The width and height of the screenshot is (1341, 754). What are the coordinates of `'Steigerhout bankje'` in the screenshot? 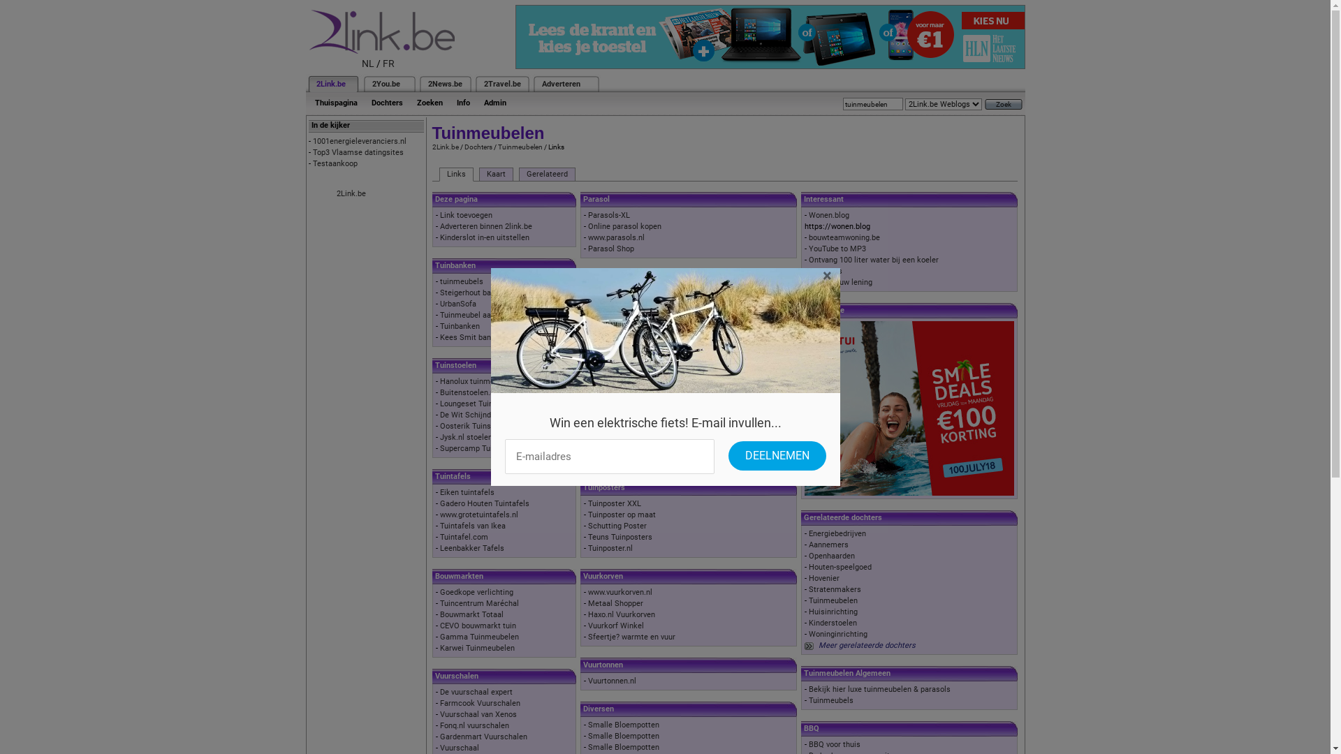 It's located at (439, 292).